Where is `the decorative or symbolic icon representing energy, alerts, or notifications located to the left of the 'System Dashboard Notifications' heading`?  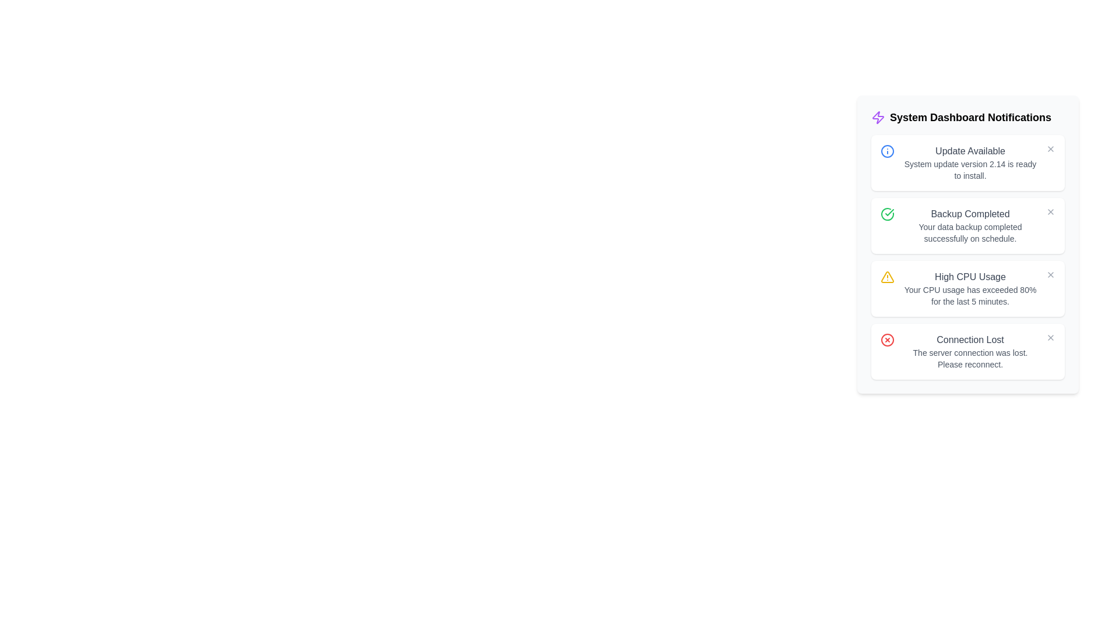
the decorative or symbolic icon representing energy, alerts, or notifications located to the left of the 'System Dashboard Notifications' heading is located at coordinates (878, 117).